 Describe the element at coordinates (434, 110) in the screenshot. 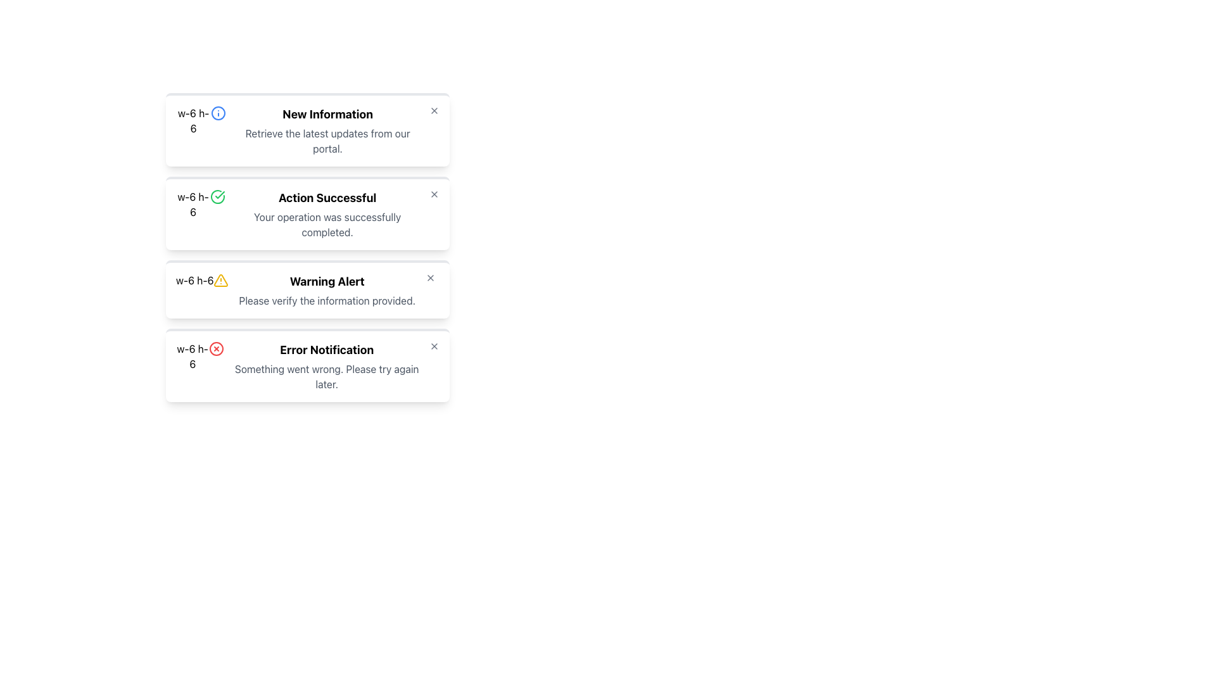

I see `the small circular button with an 'X' icon located at the top-right corner of the 'New Information' notification card to change its appearance` at that location.